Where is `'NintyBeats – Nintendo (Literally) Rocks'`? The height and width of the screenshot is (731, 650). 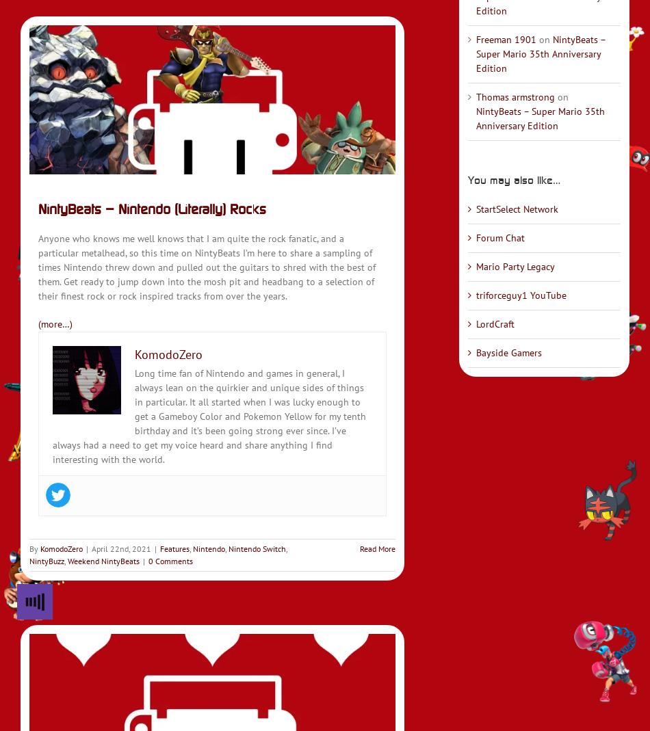 'NintyBeats – Nintendo (Literally) Rocks' is located at coordinates (152, 207).